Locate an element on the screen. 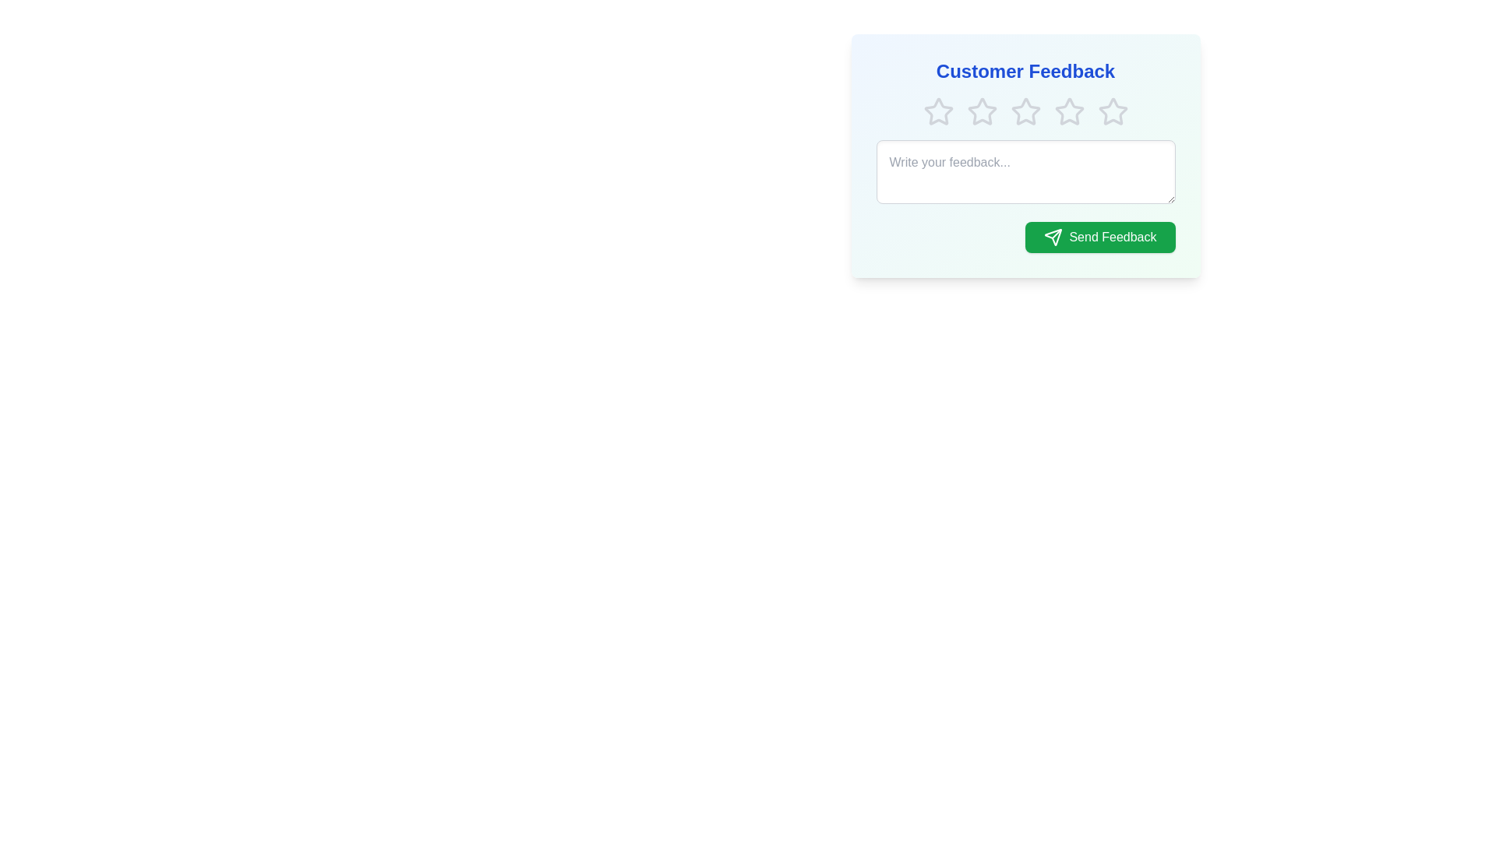 The image size is (1496, 841). the star corresponding to the desired rating 1 is located at coordinates (937, 111).